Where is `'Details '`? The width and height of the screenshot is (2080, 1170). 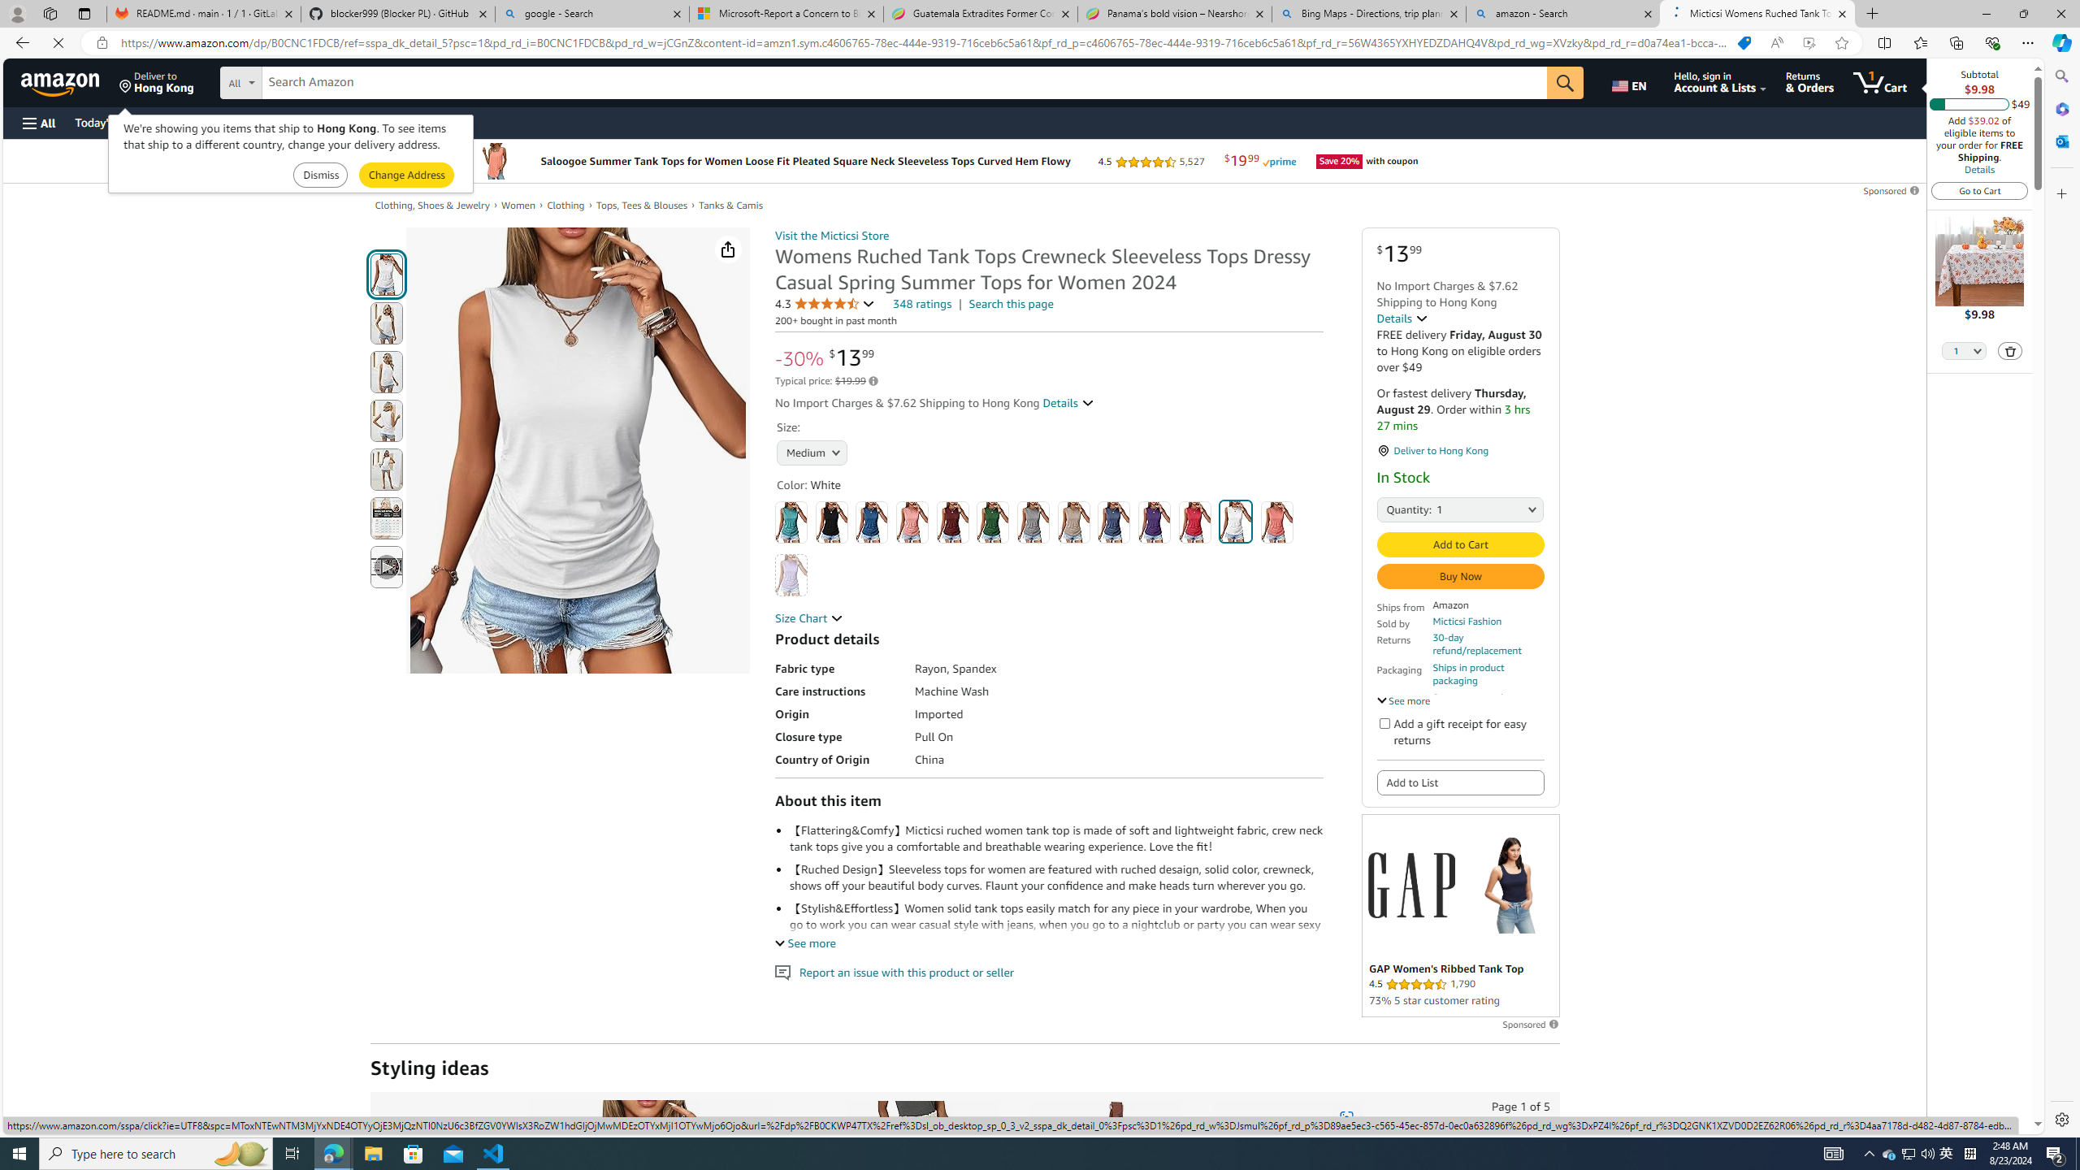
'Details ' is located at coordinates (1402, 317).